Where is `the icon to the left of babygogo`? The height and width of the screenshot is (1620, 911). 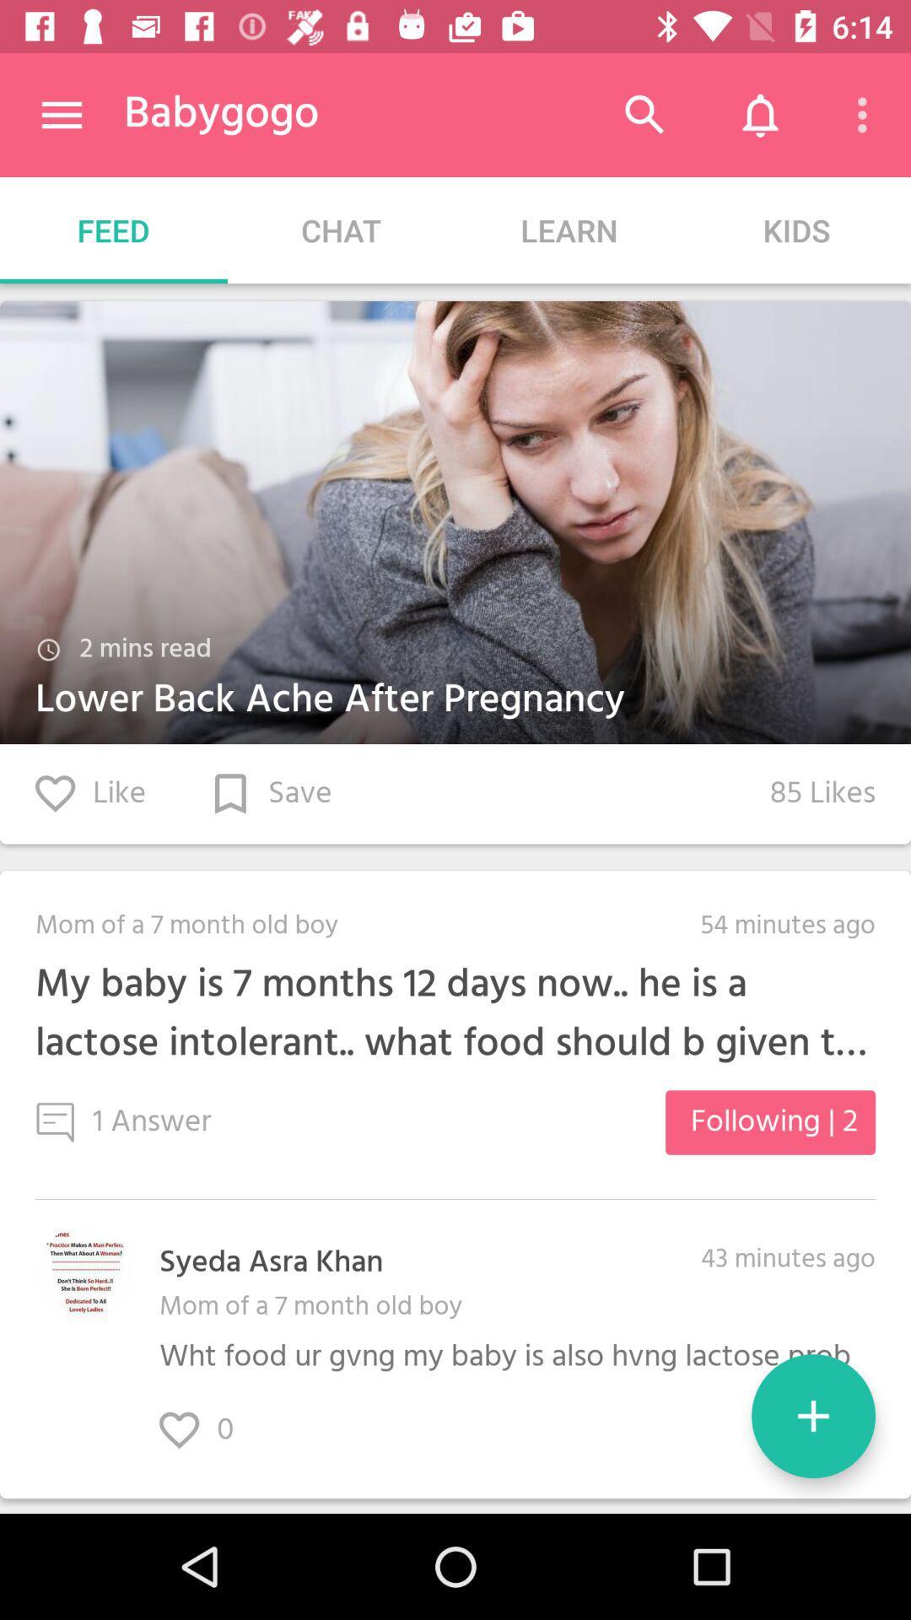
the icon to the left of babygogo is located at coordinates (61, 114).